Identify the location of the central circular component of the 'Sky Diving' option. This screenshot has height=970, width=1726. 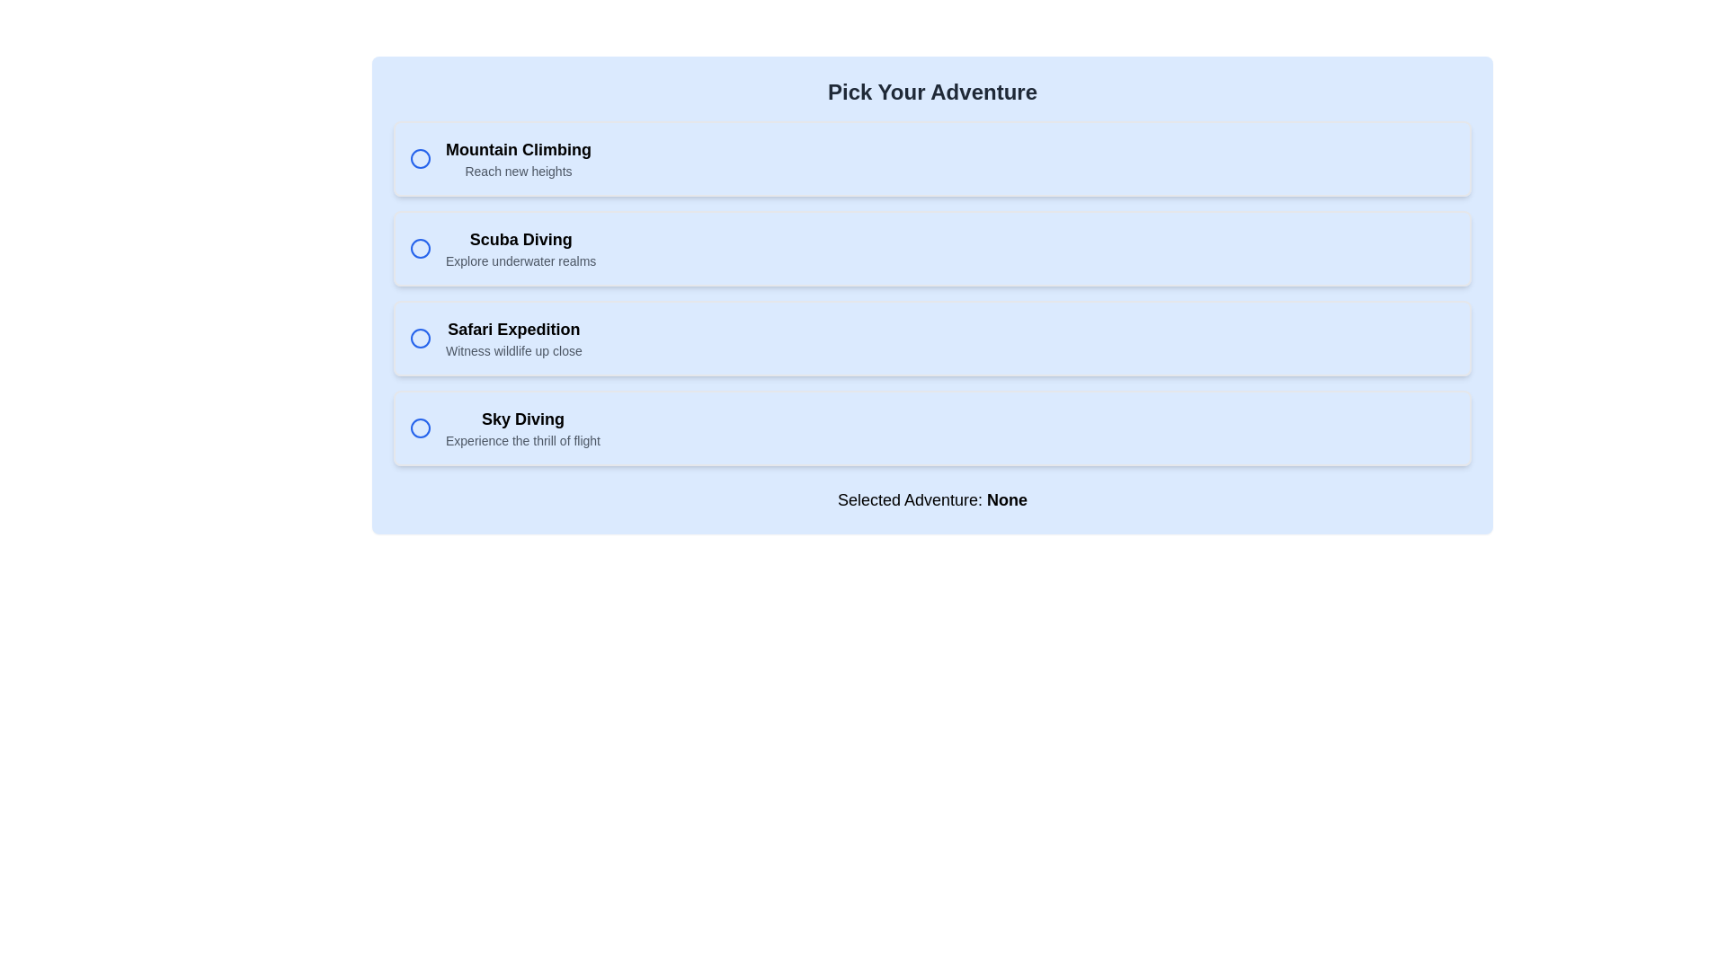
(419, 428).